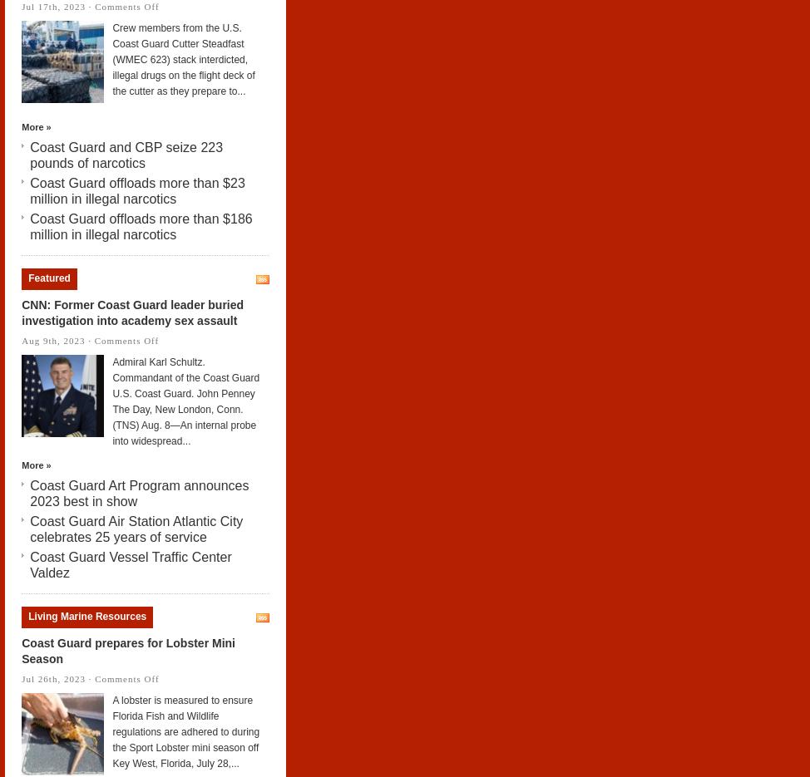 The height and width of the screenshot is (777, 810). I want to click on 'Coast Guard prepares for Lobster Mini Season', so click(126, 650).